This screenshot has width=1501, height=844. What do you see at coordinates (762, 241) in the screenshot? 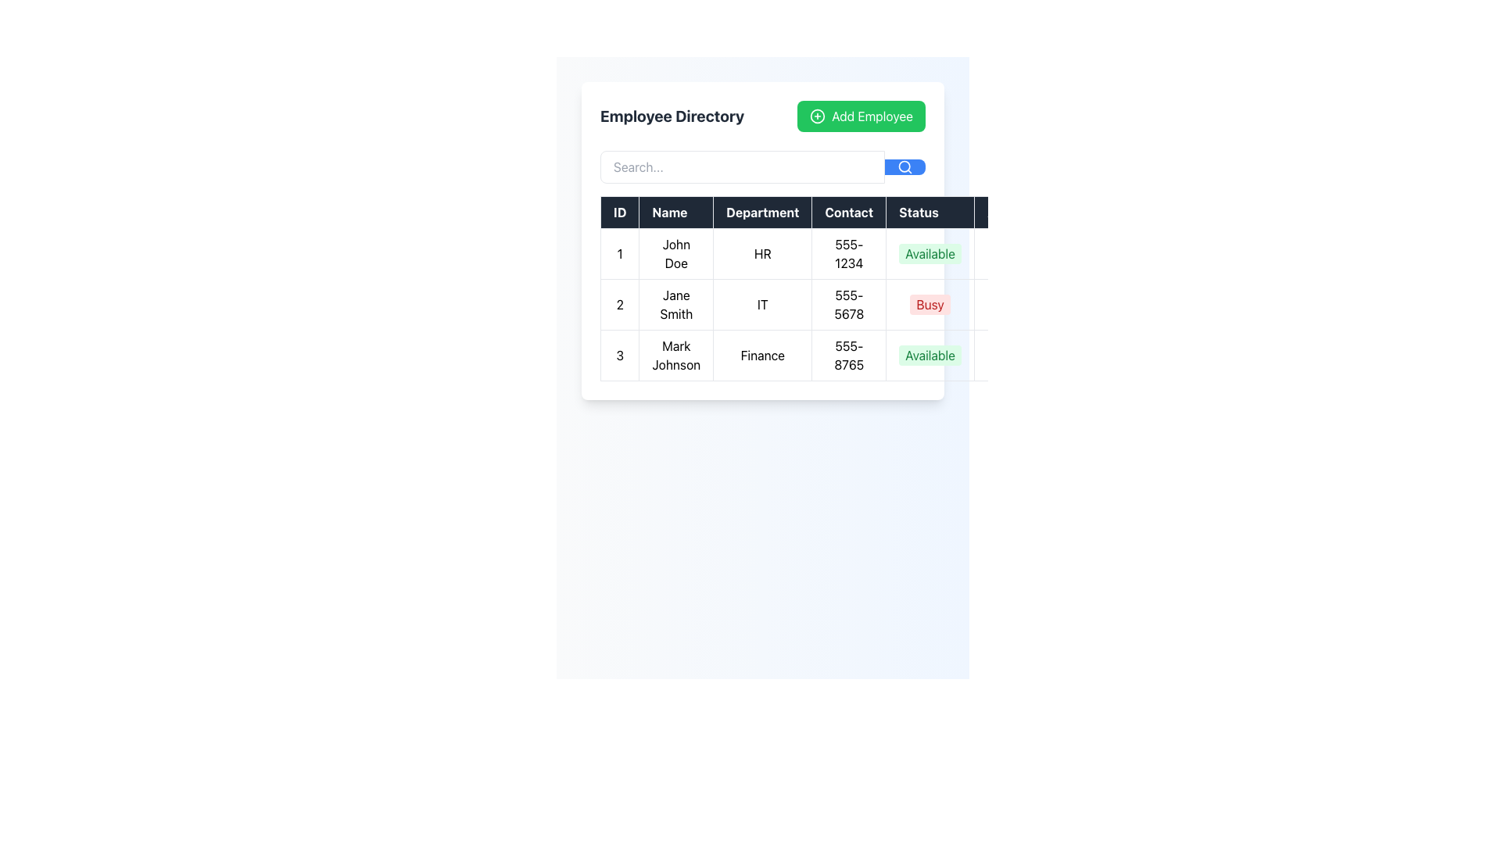
I see `the 'HR' department name cell` at bounding box center [762, 241].